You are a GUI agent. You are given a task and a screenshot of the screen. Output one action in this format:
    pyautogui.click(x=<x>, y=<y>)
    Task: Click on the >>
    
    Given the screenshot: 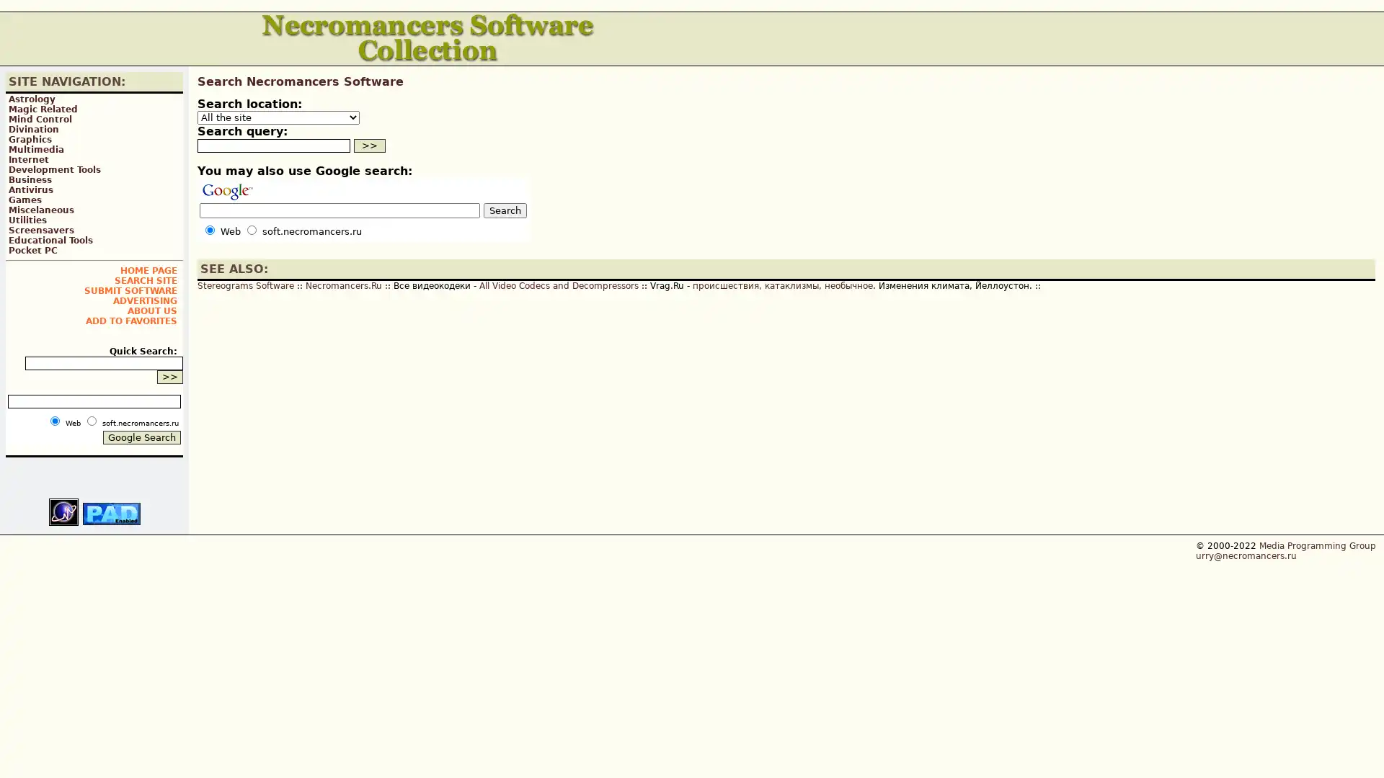 What is the action you would take?
    pyautogui.click(x=169, y=376)
    